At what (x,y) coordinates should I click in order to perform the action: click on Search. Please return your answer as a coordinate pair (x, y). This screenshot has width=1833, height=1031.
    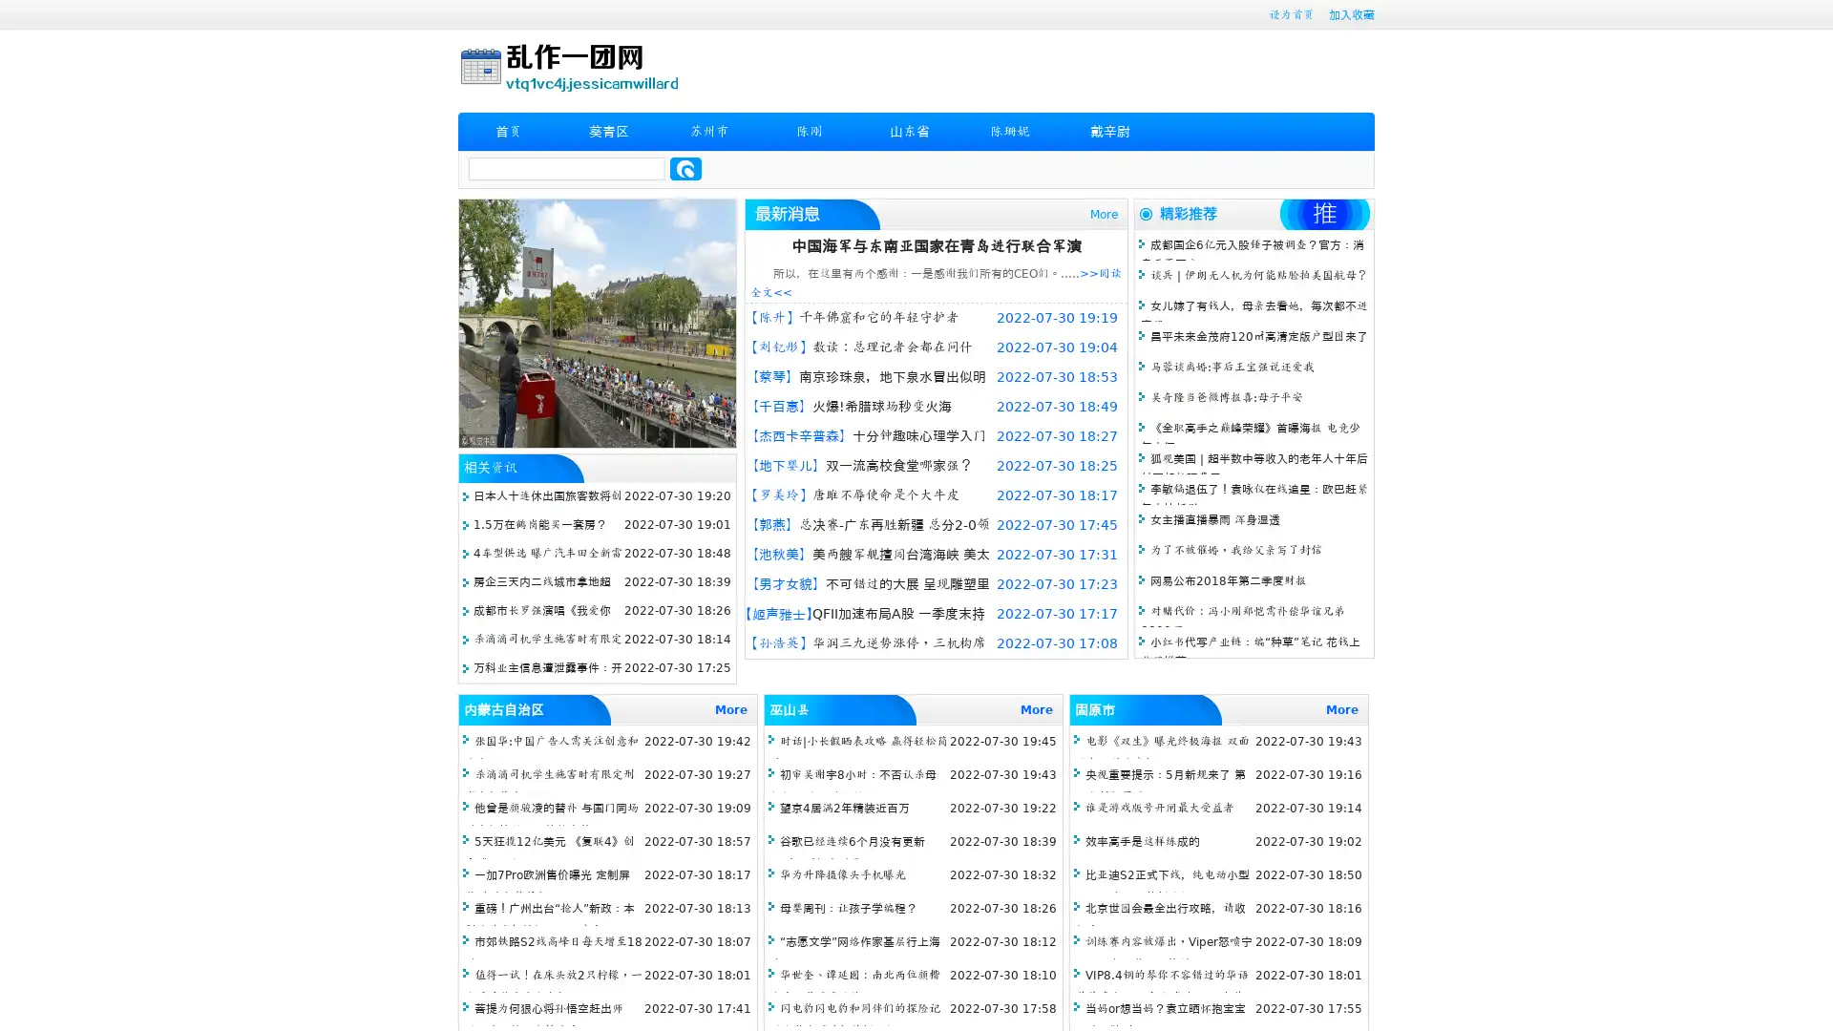
    Looking at the image, I should click on (685, 168).